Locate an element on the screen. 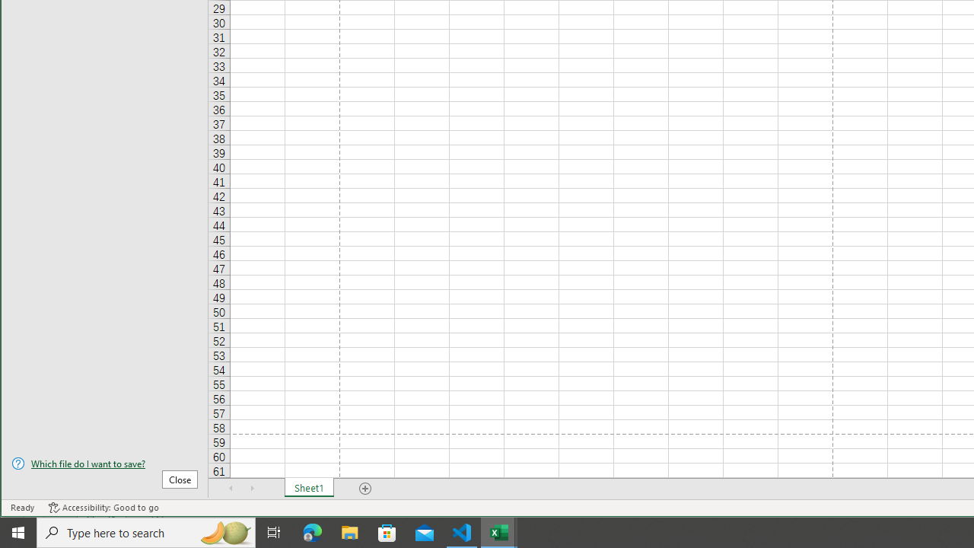 The height and width of the screenshot is (548, 974). 'Search highlights icon opens search home window' is located at coordinates (224, 531).